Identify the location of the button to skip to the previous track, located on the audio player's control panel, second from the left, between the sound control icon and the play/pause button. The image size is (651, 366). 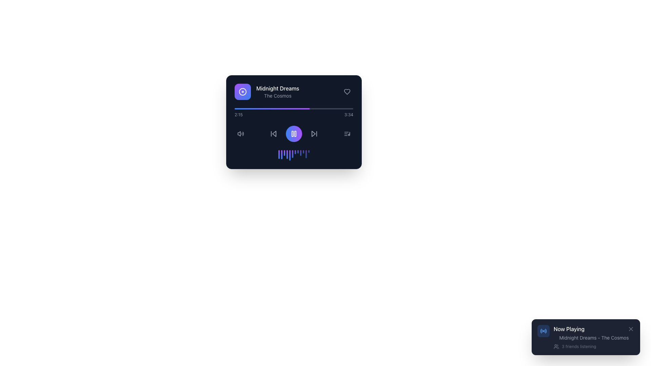
(273, 134).